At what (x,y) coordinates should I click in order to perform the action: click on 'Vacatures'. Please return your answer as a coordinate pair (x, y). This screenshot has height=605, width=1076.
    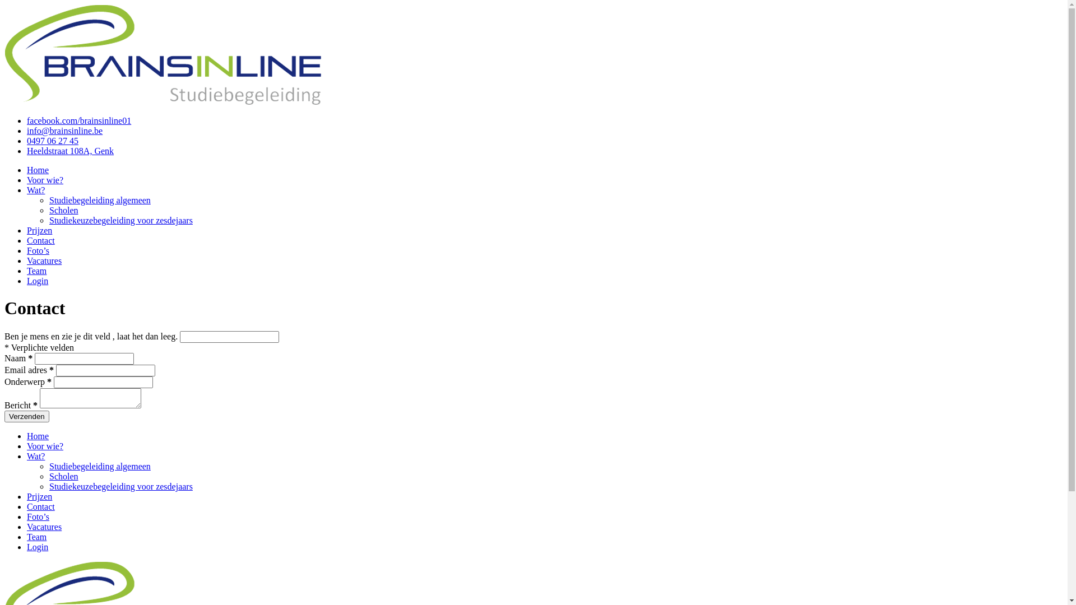
    Looking at the image, I should click on (44, 260).